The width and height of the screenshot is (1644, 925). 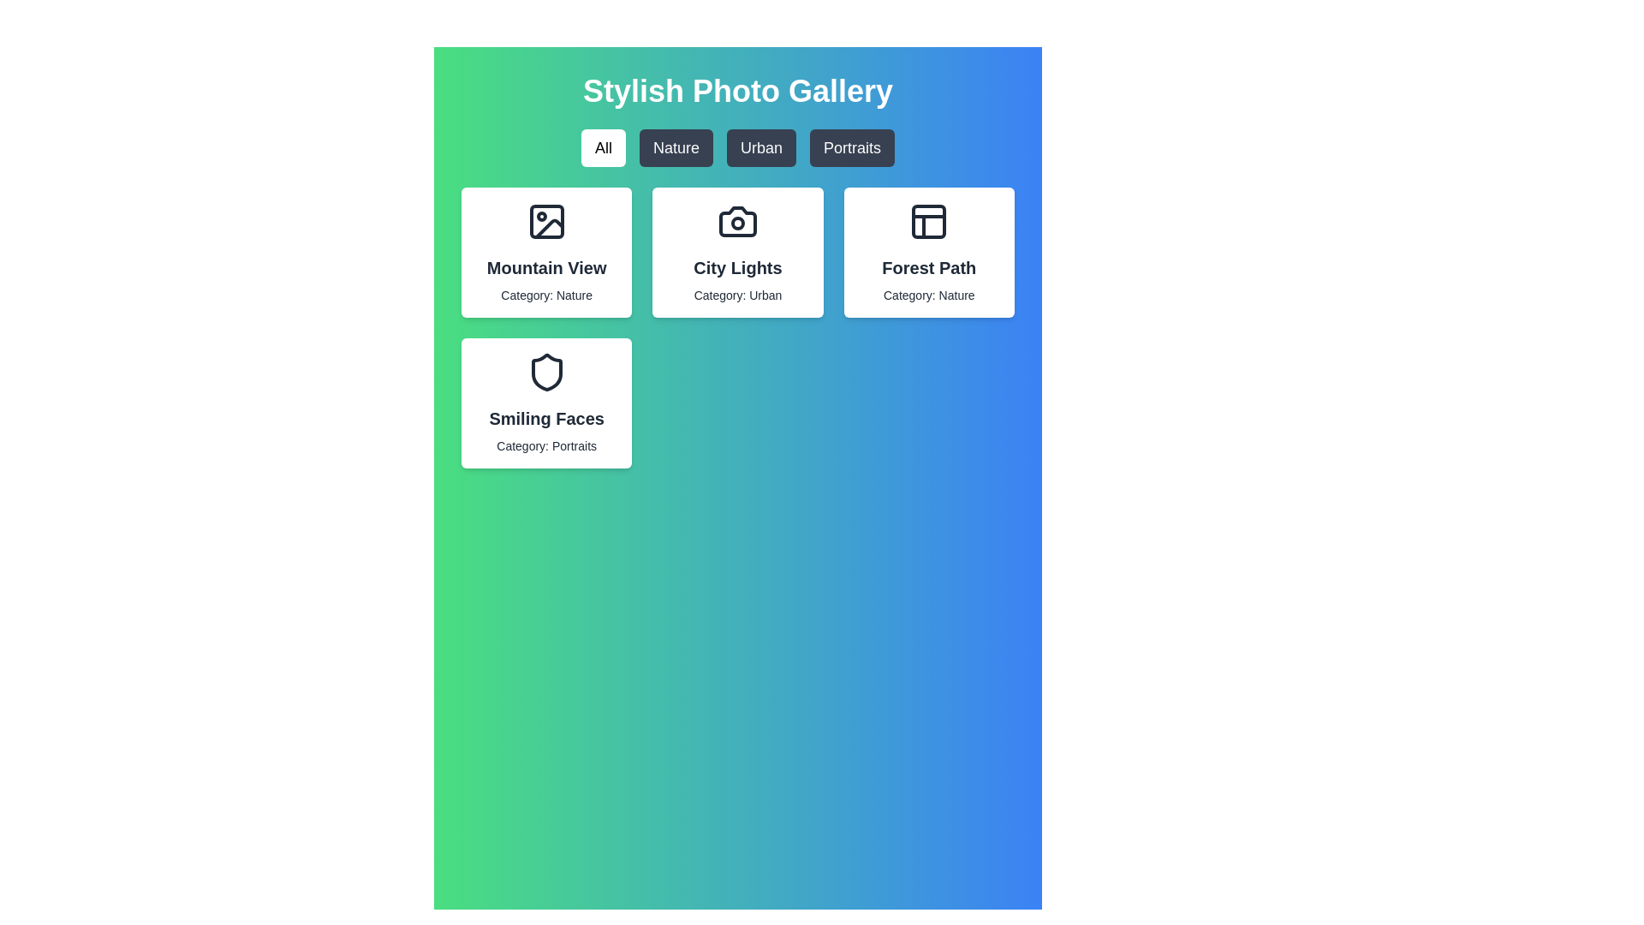 What do you see at coordinates (545, 372) in the screenshot?
I see `the shield-like icon above the 'Smiling Faces' text in the second row, fourth grid item` at bounding box center [545, 372].